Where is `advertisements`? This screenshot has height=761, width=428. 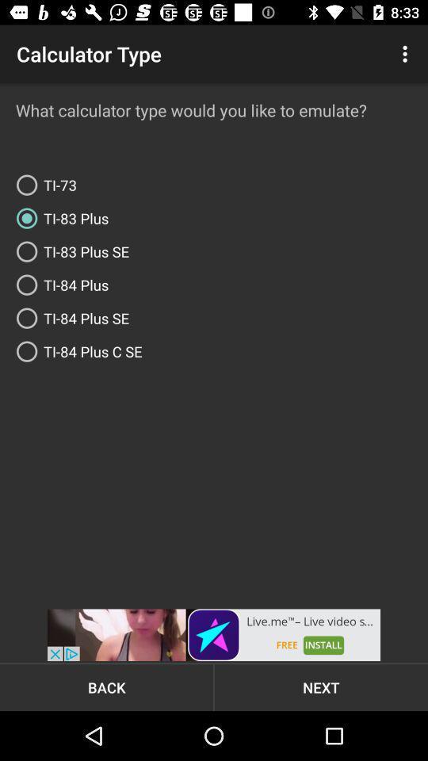
advertisements is located at coordinates (214, 635).